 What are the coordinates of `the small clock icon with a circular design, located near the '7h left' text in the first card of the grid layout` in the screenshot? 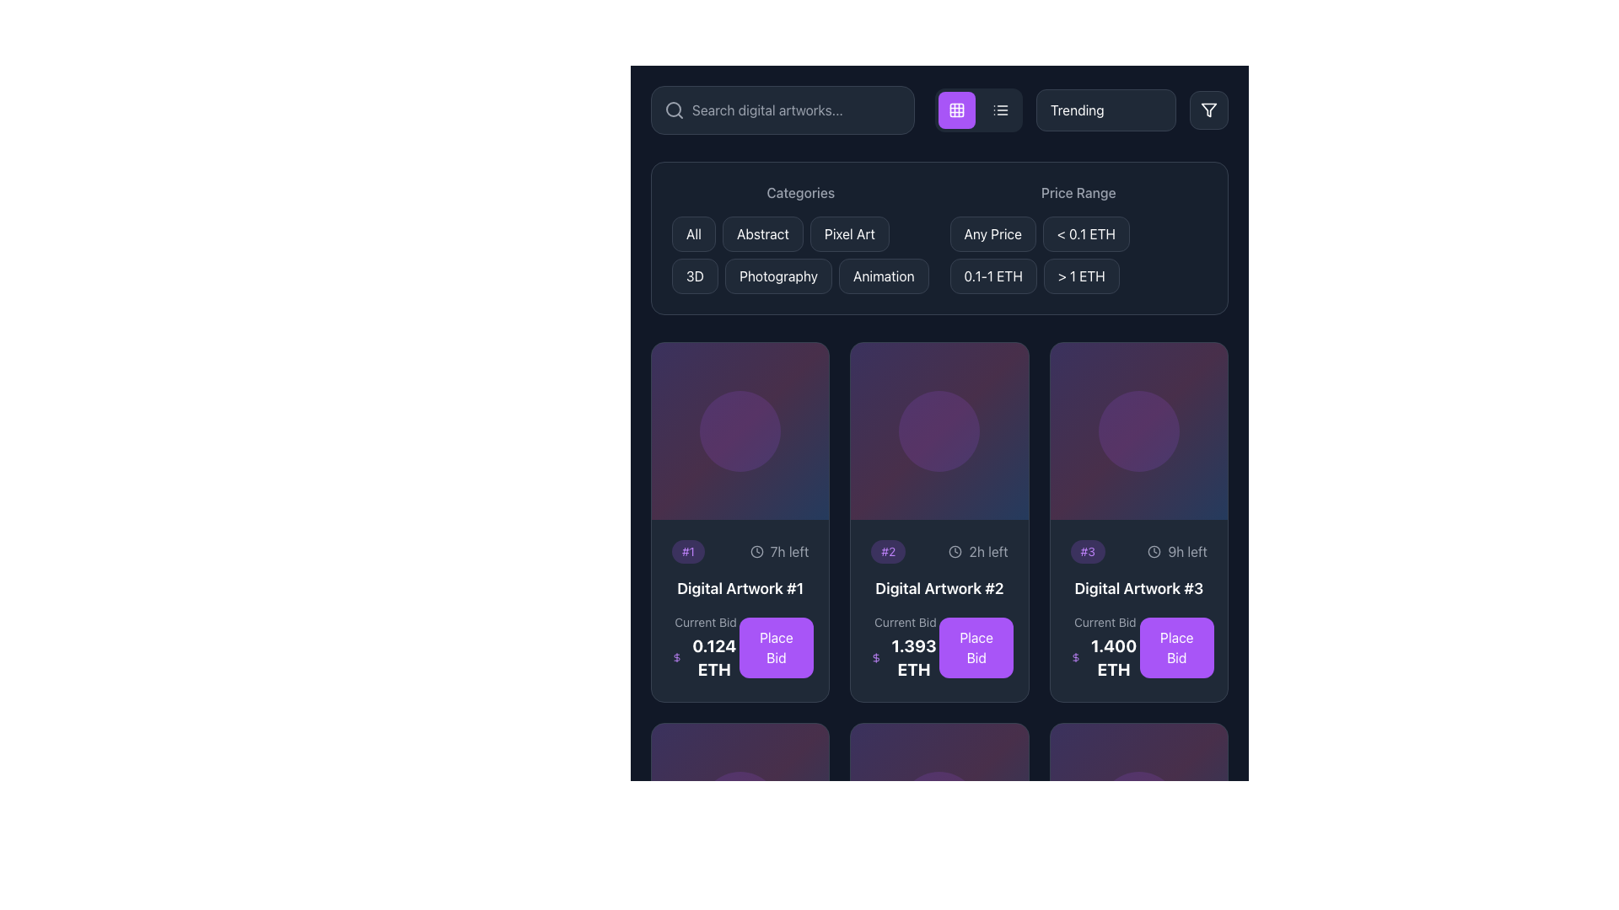 It's located at (756, 552).